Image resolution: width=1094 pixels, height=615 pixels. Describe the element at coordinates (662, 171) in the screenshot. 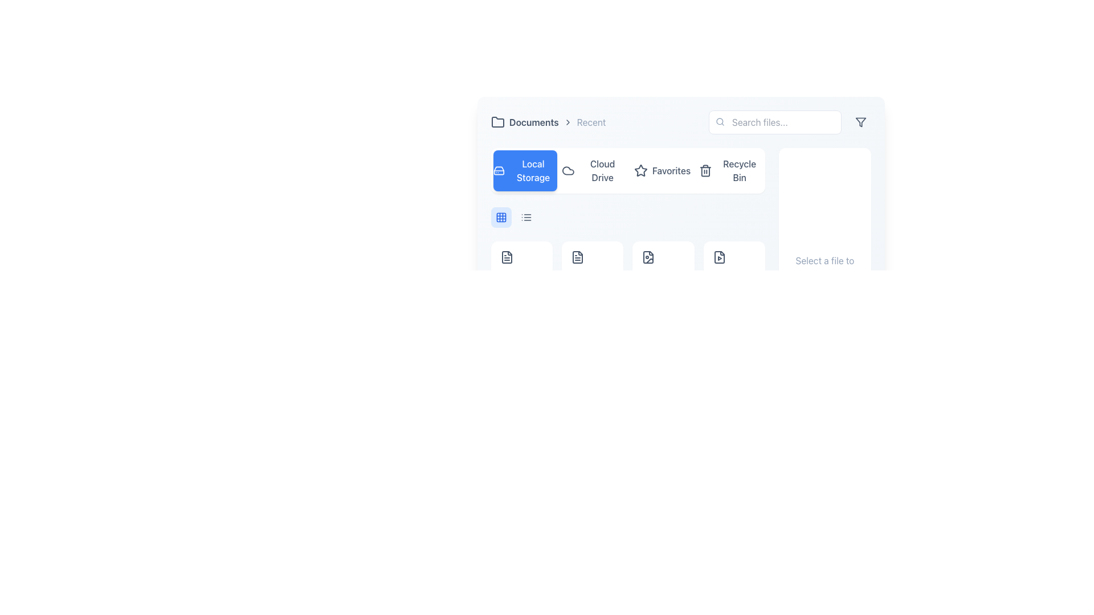

I see `the 'Favorites' button, which is a compact rectangular button with a star icon and text, located` at that location.